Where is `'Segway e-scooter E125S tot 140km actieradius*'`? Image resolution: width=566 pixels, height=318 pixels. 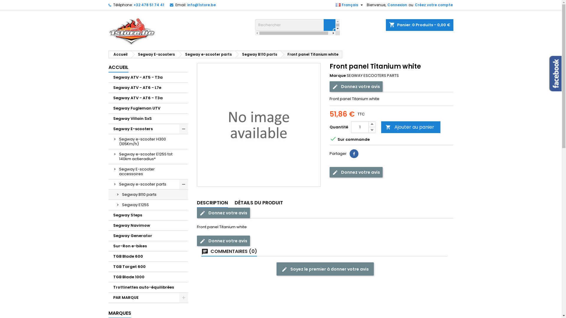 'Segway e-scooter E125S tot 140km actieradius*' is located at coordinates (148, 156).